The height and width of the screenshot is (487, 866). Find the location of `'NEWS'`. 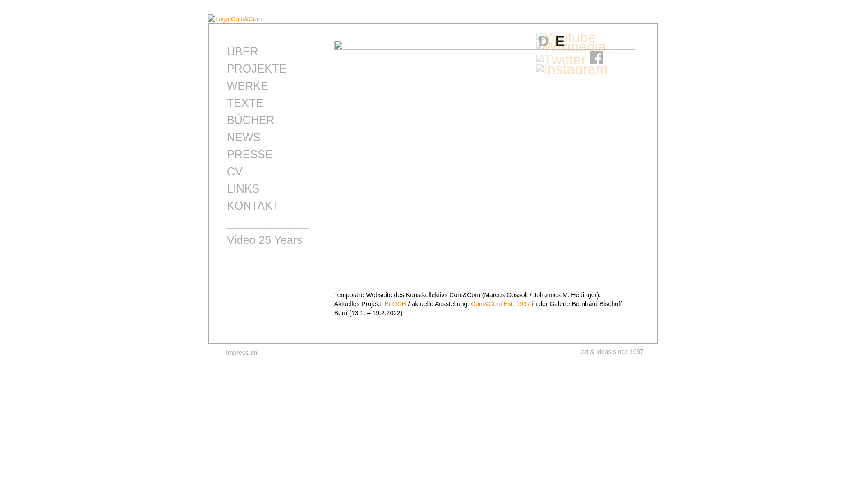

'NEWS' is located at coordinates (244, 137).